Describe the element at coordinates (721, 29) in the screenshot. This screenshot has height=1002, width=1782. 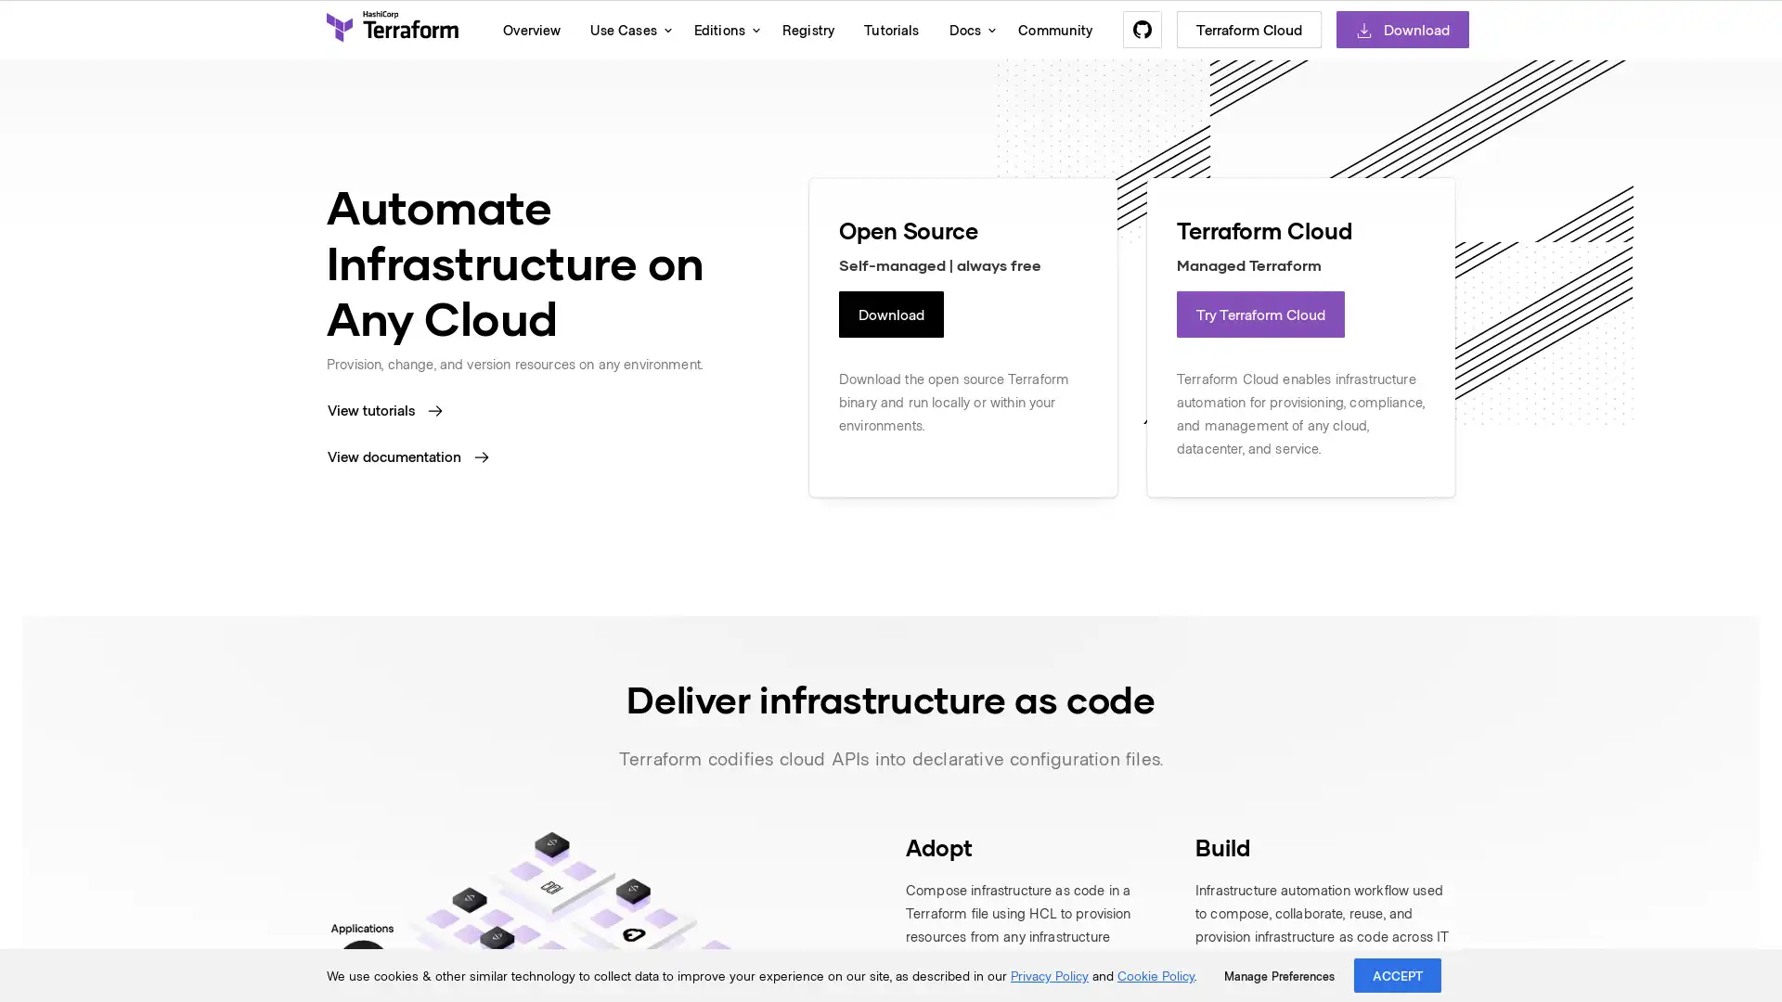
I see `Editions` at that location.